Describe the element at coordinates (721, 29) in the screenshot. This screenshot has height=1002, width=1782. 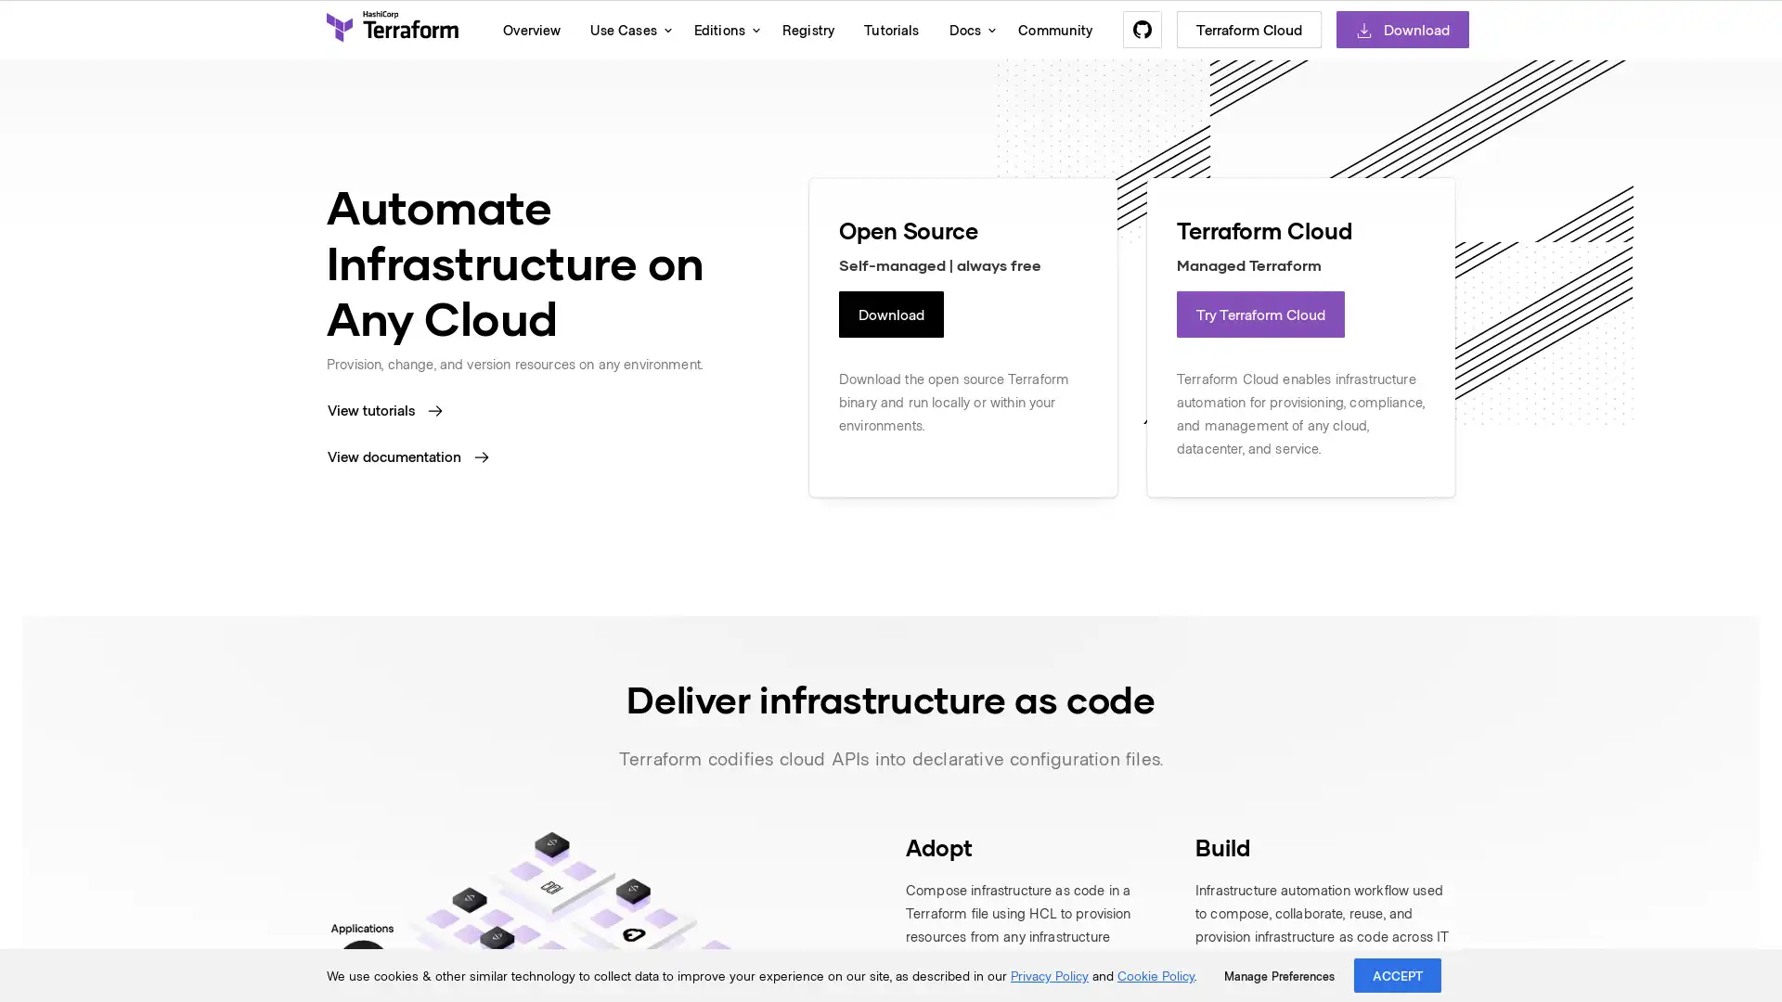
I see `Editions` at that location.